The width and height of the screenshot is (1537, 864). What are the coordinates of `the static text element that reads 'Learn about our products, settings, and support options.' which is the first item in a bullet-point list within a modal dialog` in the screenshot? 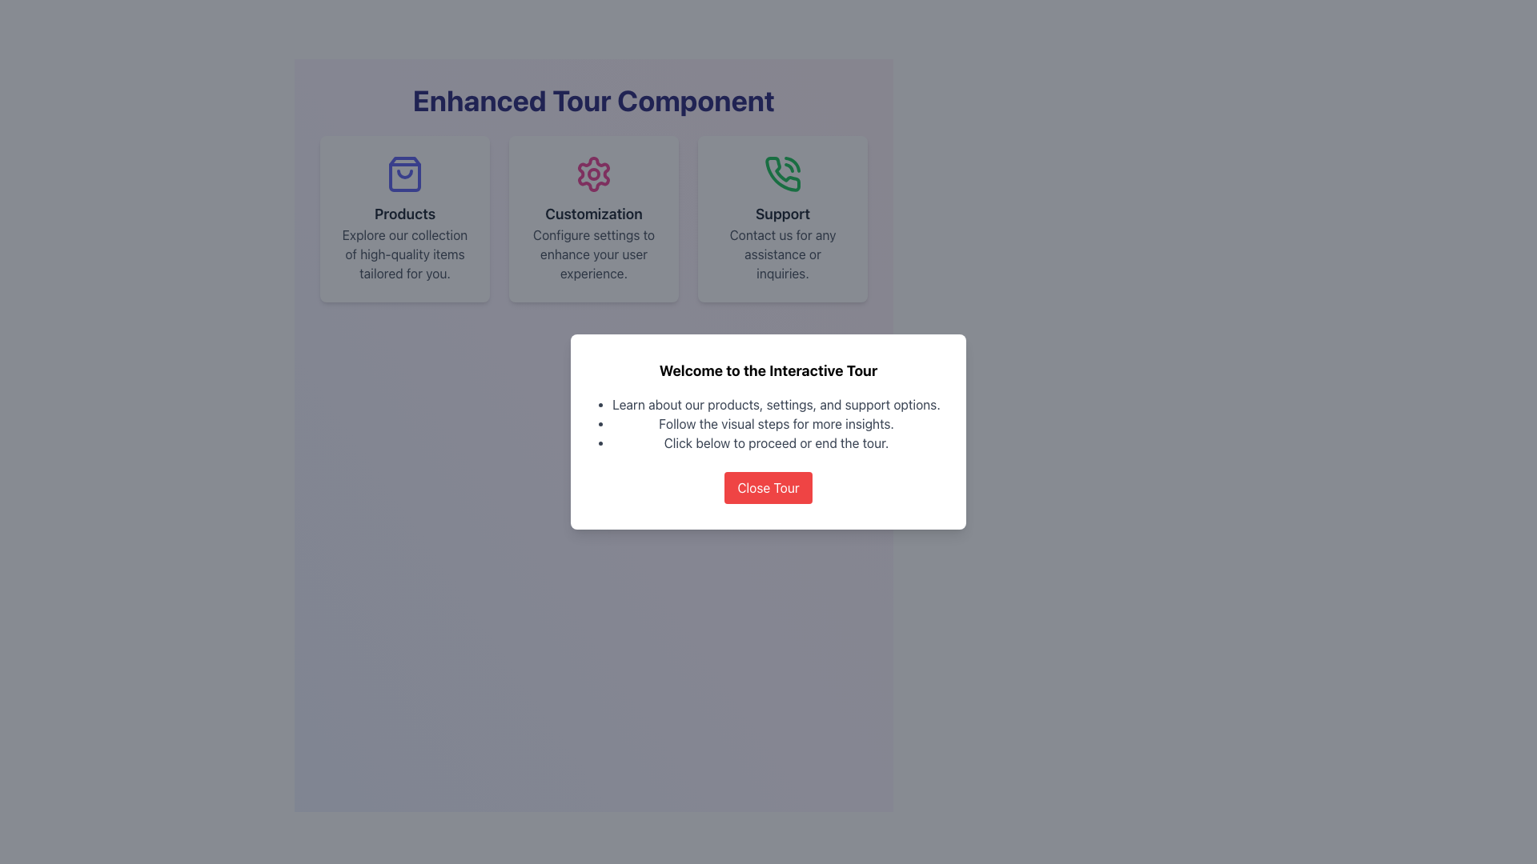 It's located at (776, 403).